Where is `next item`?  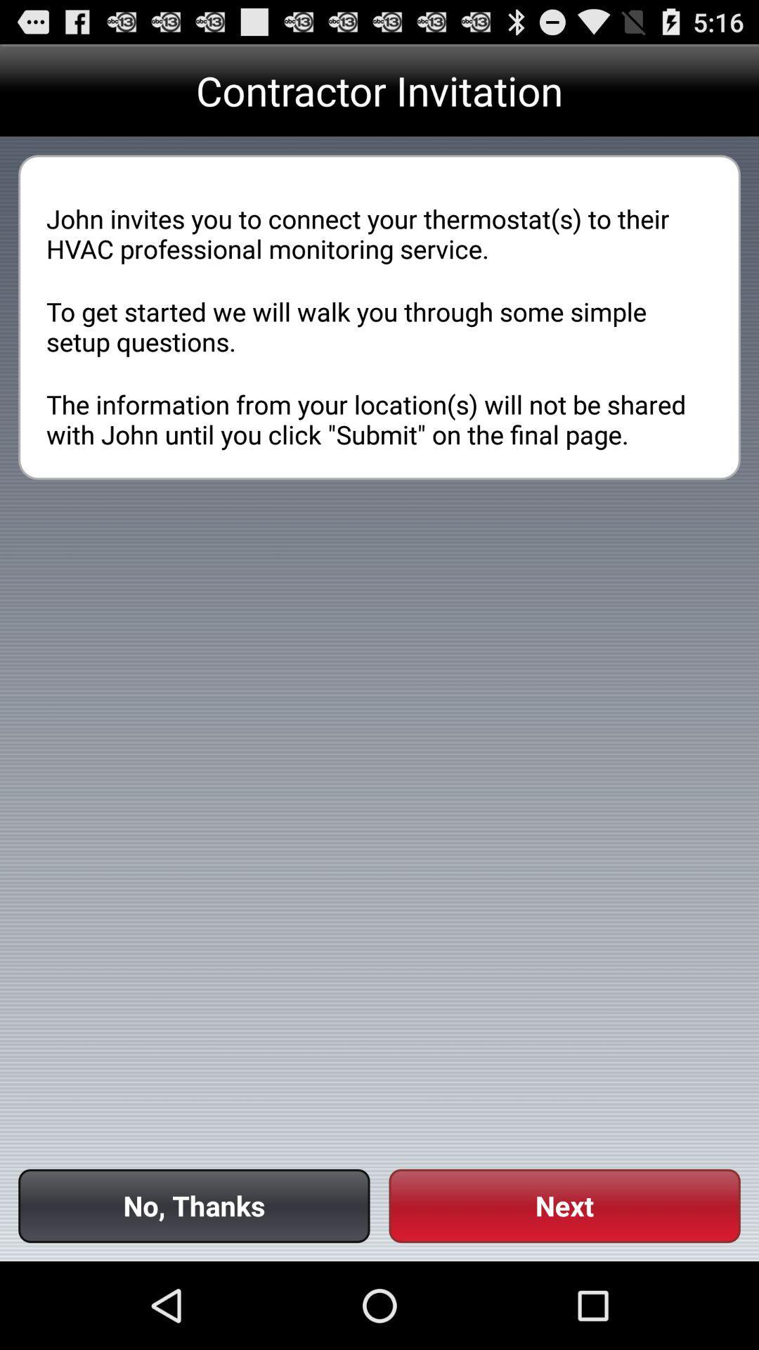
next item is located at coordinates (564, 1205).